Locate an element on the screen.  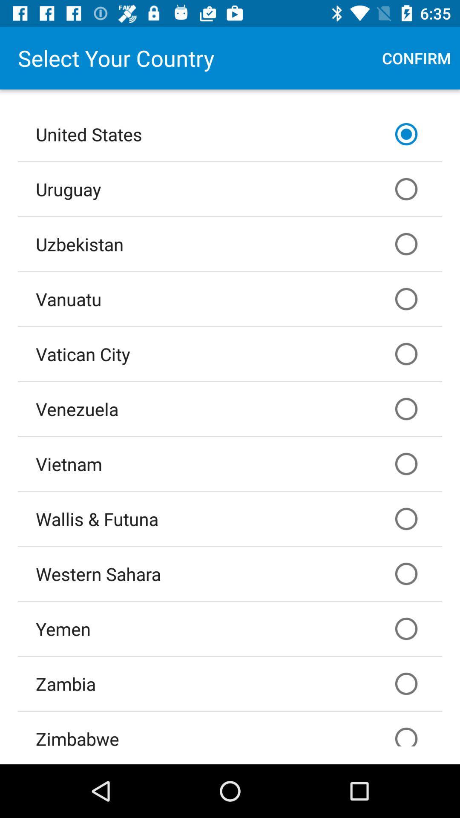
the uruguay item is located at coordinates (230, 188).